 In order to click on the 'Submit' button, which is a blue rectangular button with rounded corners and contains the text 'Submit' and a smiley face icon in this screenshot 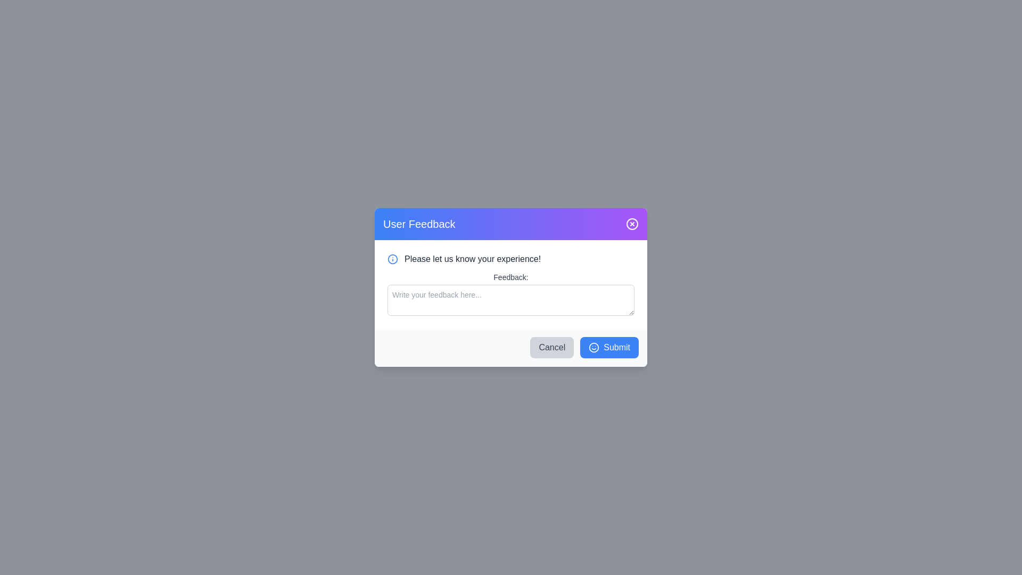, I will do `click(609, 347)`.